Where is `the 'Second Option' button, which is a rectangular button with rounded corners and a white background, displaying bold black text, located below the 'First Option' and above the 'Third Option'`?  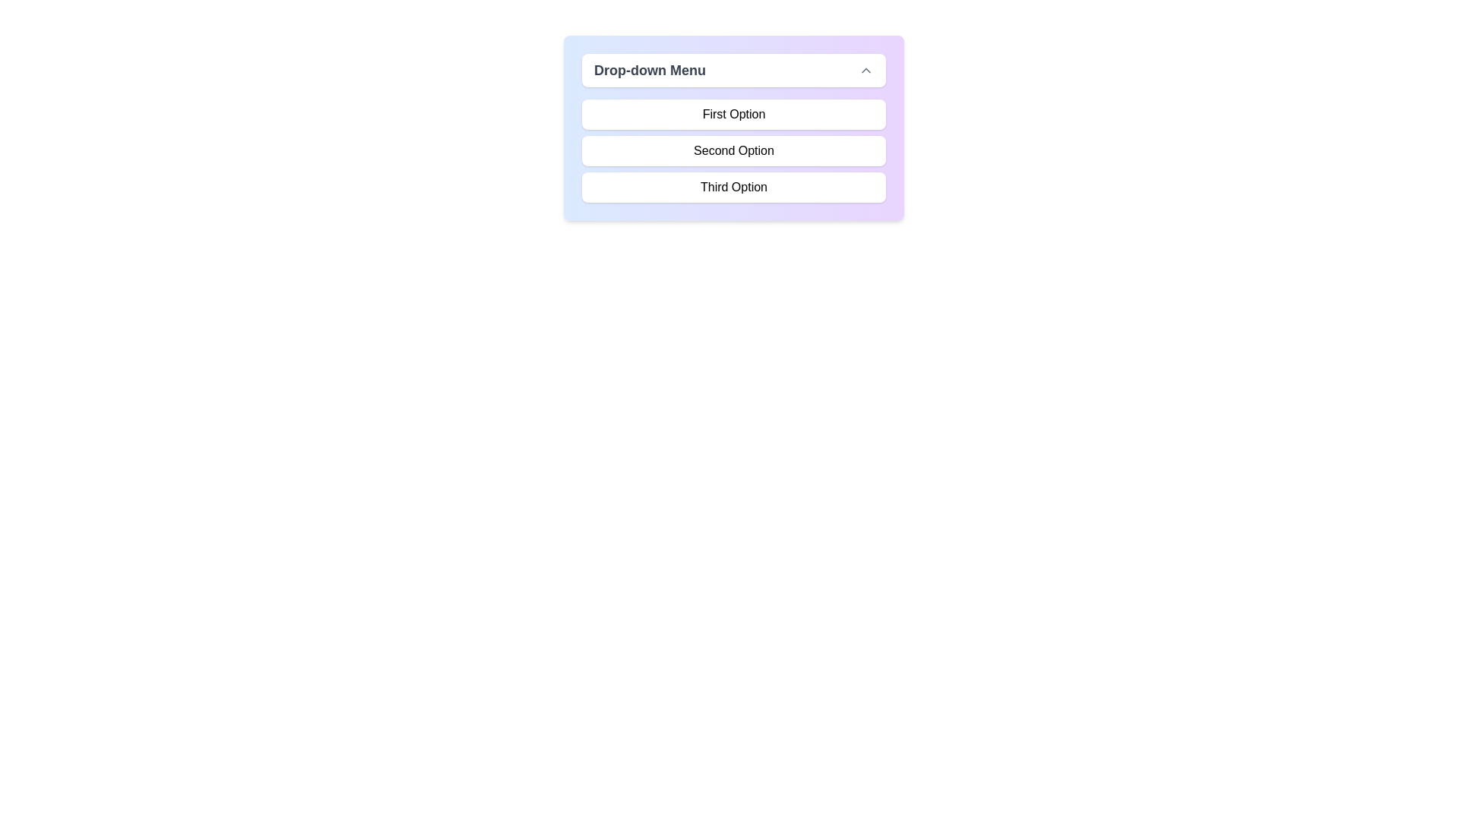 the 'Second Option' button, which is a rectangular button with rounded corners and a white background, displaying bold black text, located below the 'First Option' and above the 'Third Option' is located at coordinates (733, 151).